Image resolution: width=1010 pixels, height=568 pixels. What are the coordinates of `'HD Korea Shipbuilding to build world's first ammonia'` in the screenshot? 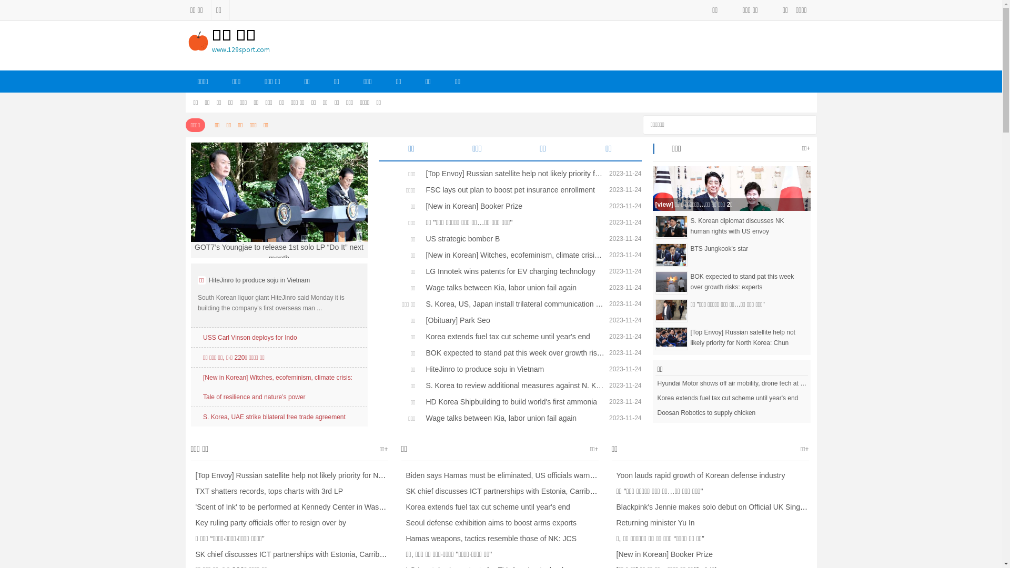 It's located at (512, 401).